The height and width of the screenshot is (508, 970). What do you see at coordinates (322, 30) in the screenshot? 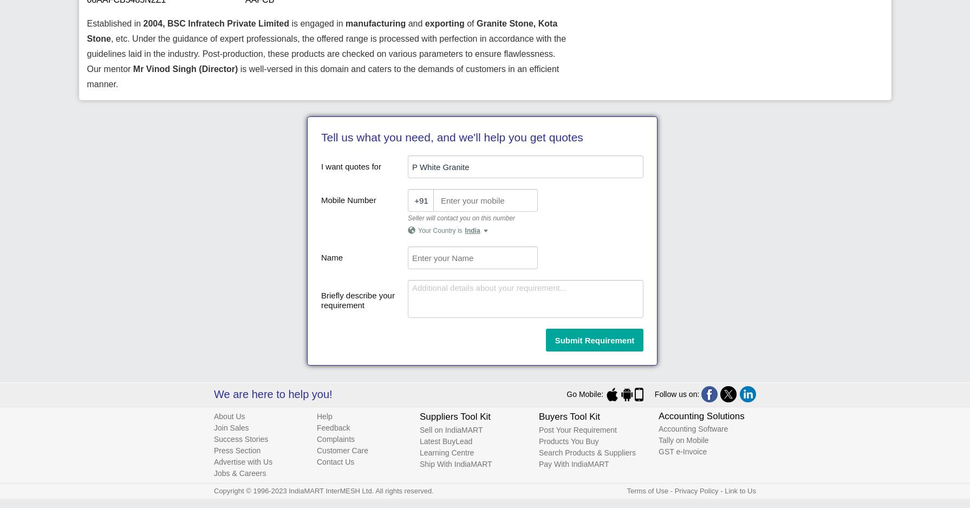
I see `'Granite Stone, Kota Stone'` at bounding box center [322, 30].